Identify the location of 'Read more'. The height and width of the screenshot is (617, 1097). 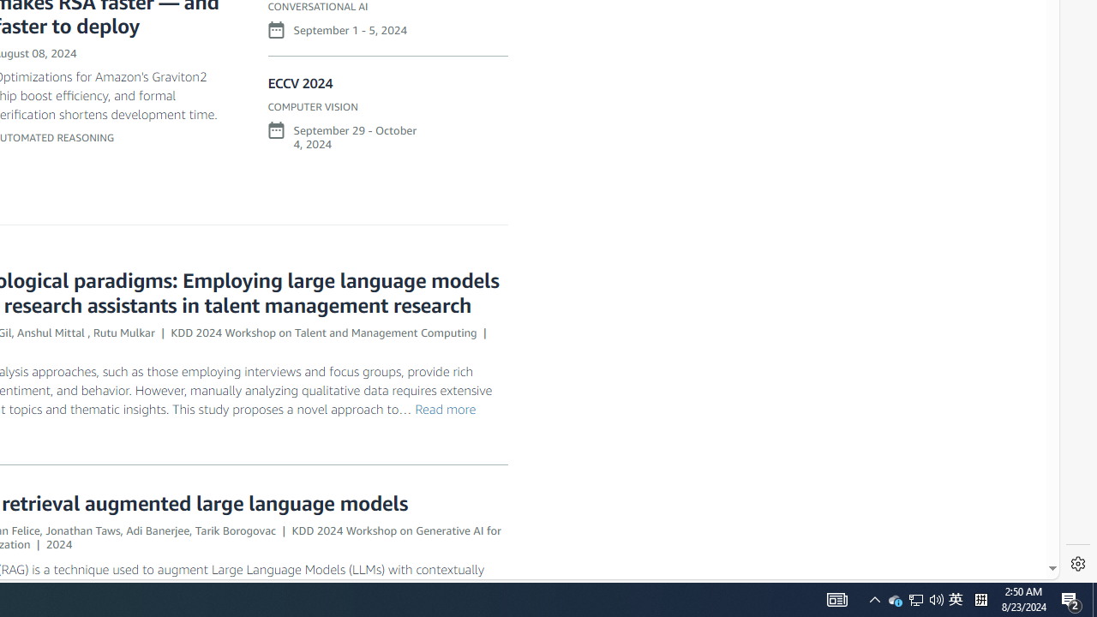
(445, 408).